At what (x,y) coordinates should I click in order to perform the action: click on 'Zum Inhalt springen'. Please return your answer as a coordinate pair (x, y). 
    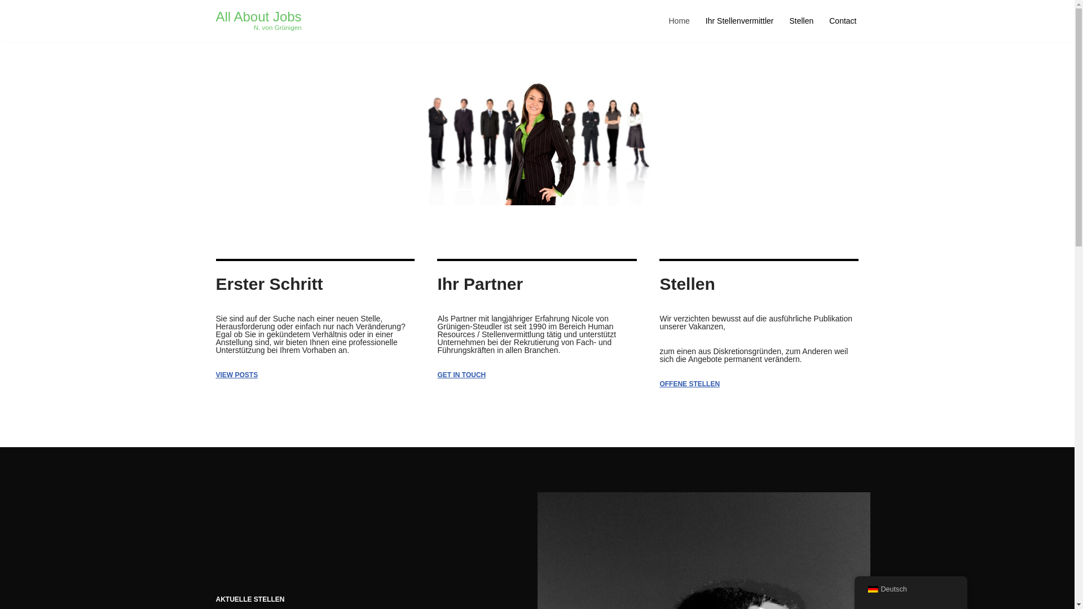
    Looking at the image, I should click on (0, 24).